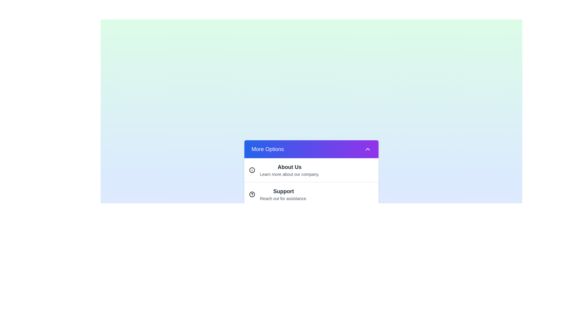 The width and height of the screenshot is (575, 323). I want to click on the option Support to highlight it, so click(311, 194).